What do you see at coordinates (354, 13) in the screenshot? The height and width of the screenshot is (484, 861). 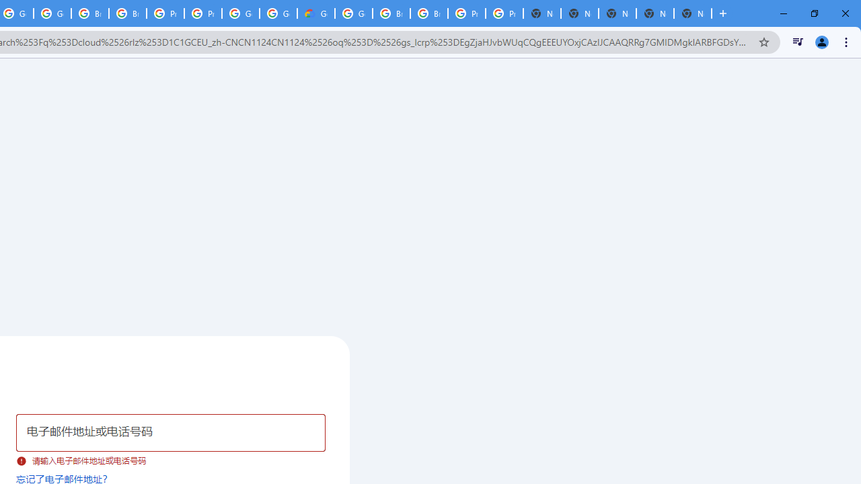 I see `'Google Cloud Platform'` at bounding box center [354, 13].